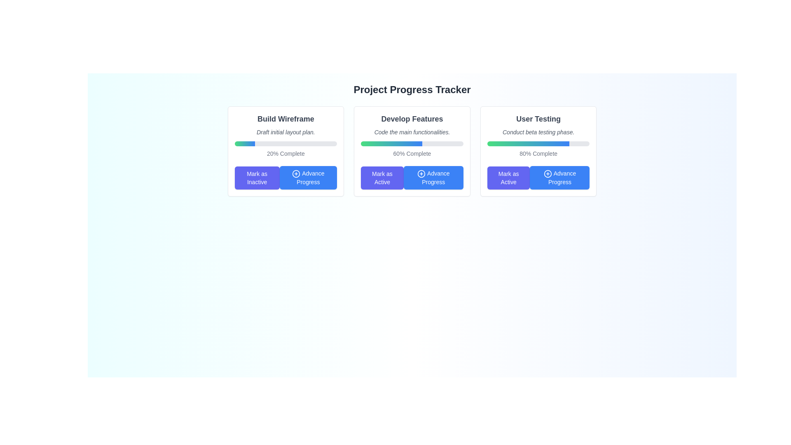 The width and height of the screenshot is (791, 445). What do you see at coordinates (244, 143) in the screenshot?
I see `the Progress indicator bar, which is the small colored segment on the gray progress bar within the 'Build Wireframe' card` at bounding box center [244, 143].